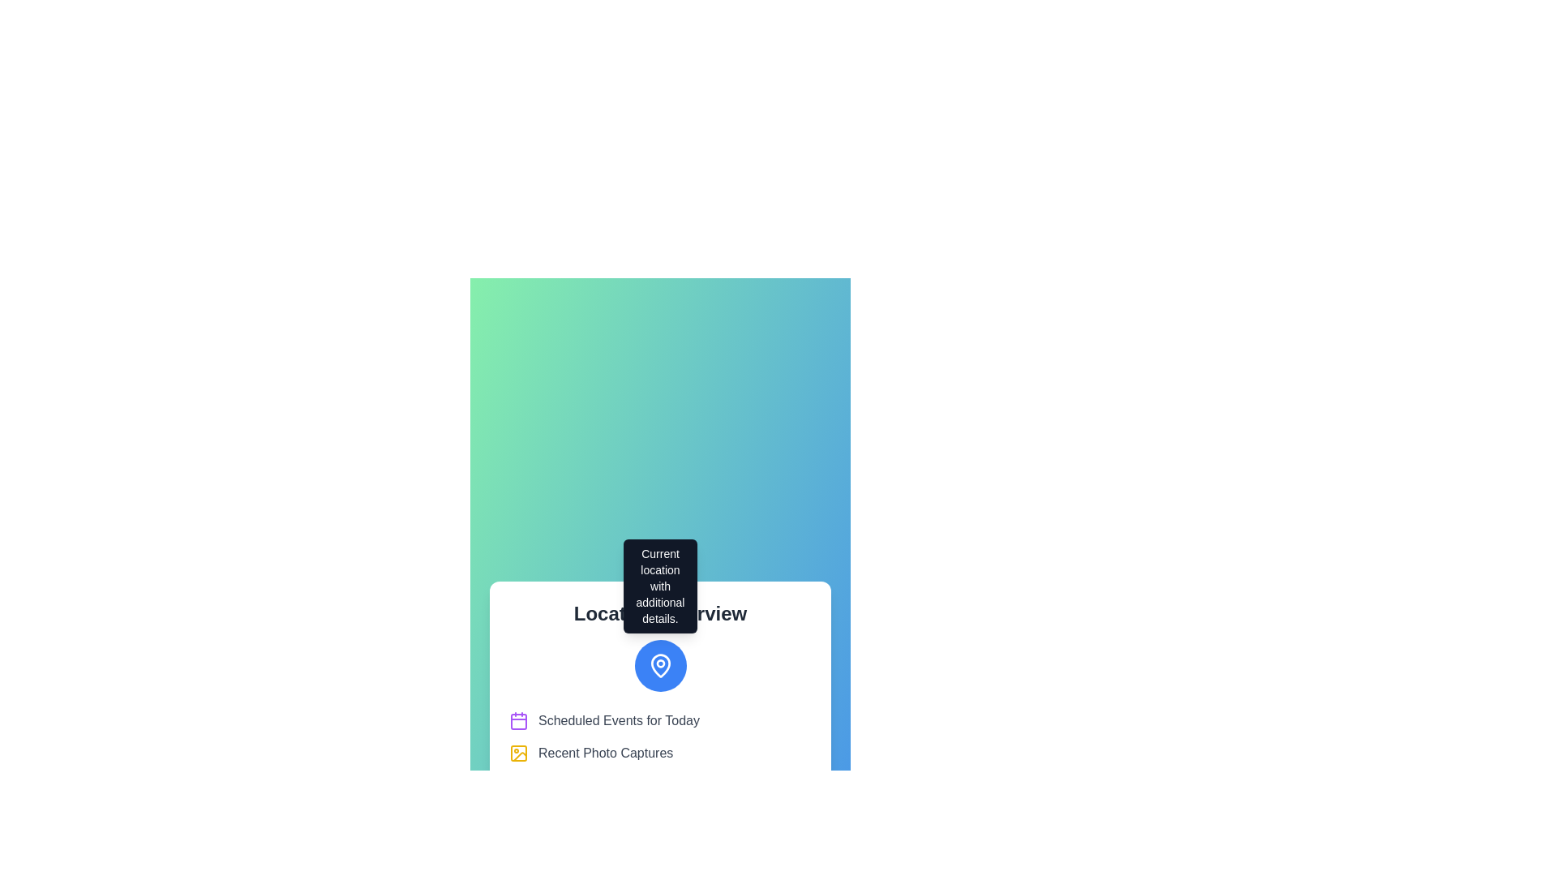 The height and width of the screenshot is (876, 1557). I want to click on the tooltip of the 'Current location with additional details' blue icon in the 'Location Overview' card, so click(660, 715).